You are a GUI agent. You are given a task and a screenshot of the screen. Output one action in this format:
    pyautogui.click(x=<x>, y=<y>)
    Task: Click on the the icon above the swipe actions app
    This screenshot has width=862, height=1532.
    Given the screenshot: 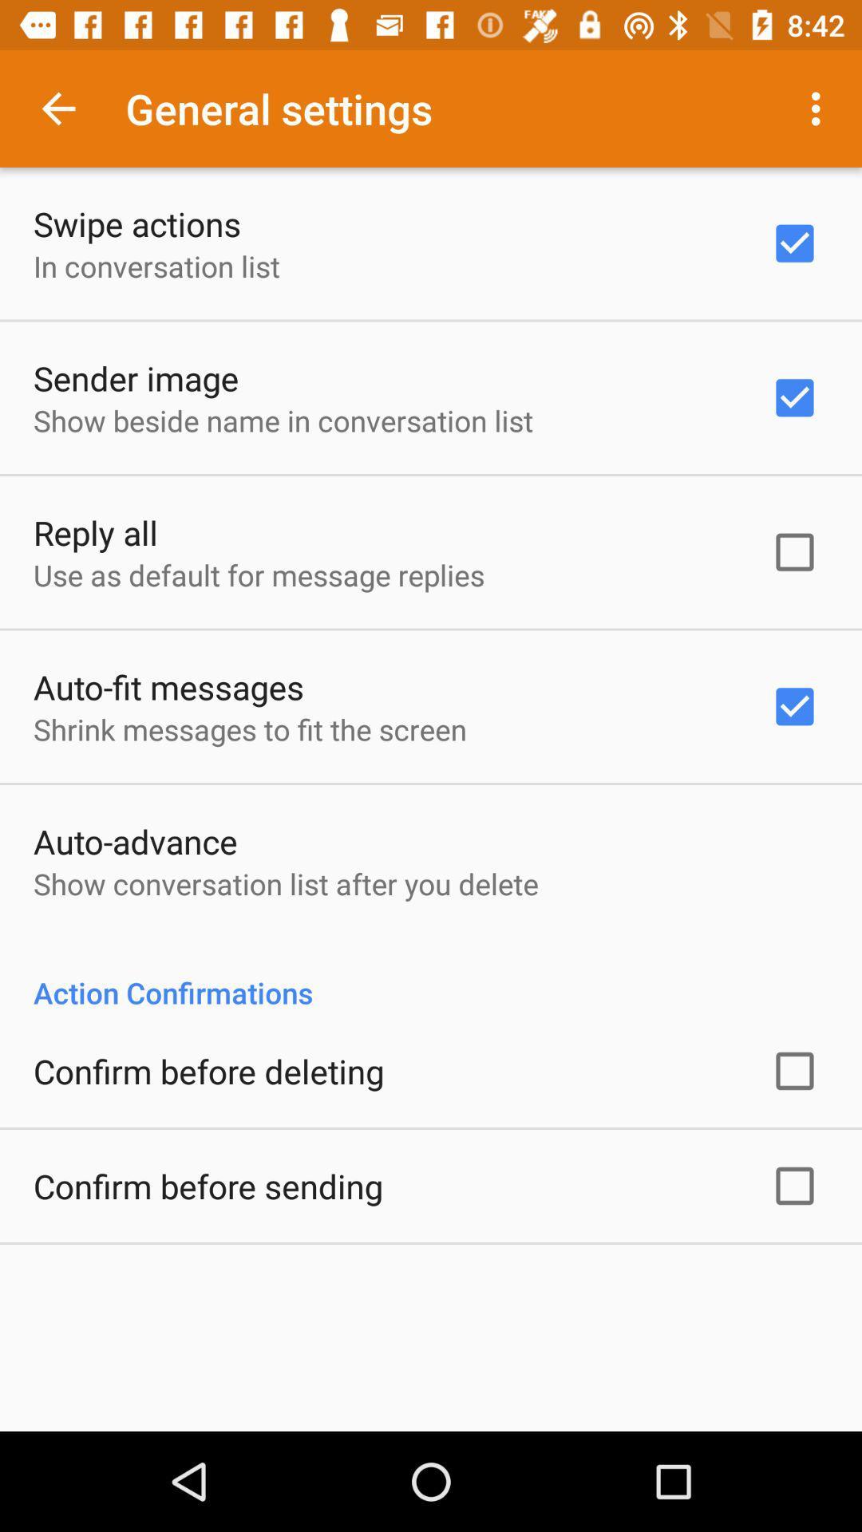 What is the action you would take?
    pyautogui.click(x=57, y=108)
    